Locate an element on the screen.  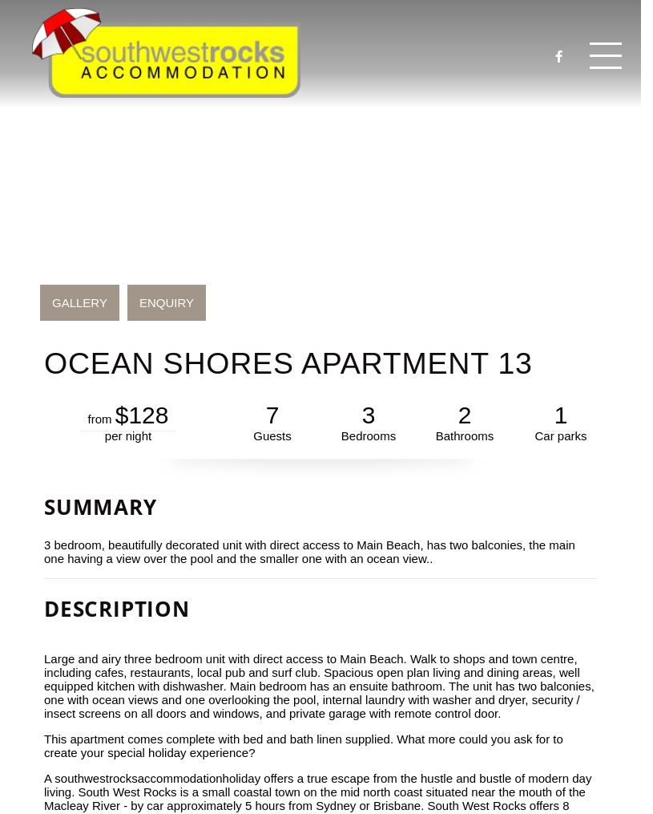
'Ocean Shores Apartment 13' is located at coordinates (287, 362).